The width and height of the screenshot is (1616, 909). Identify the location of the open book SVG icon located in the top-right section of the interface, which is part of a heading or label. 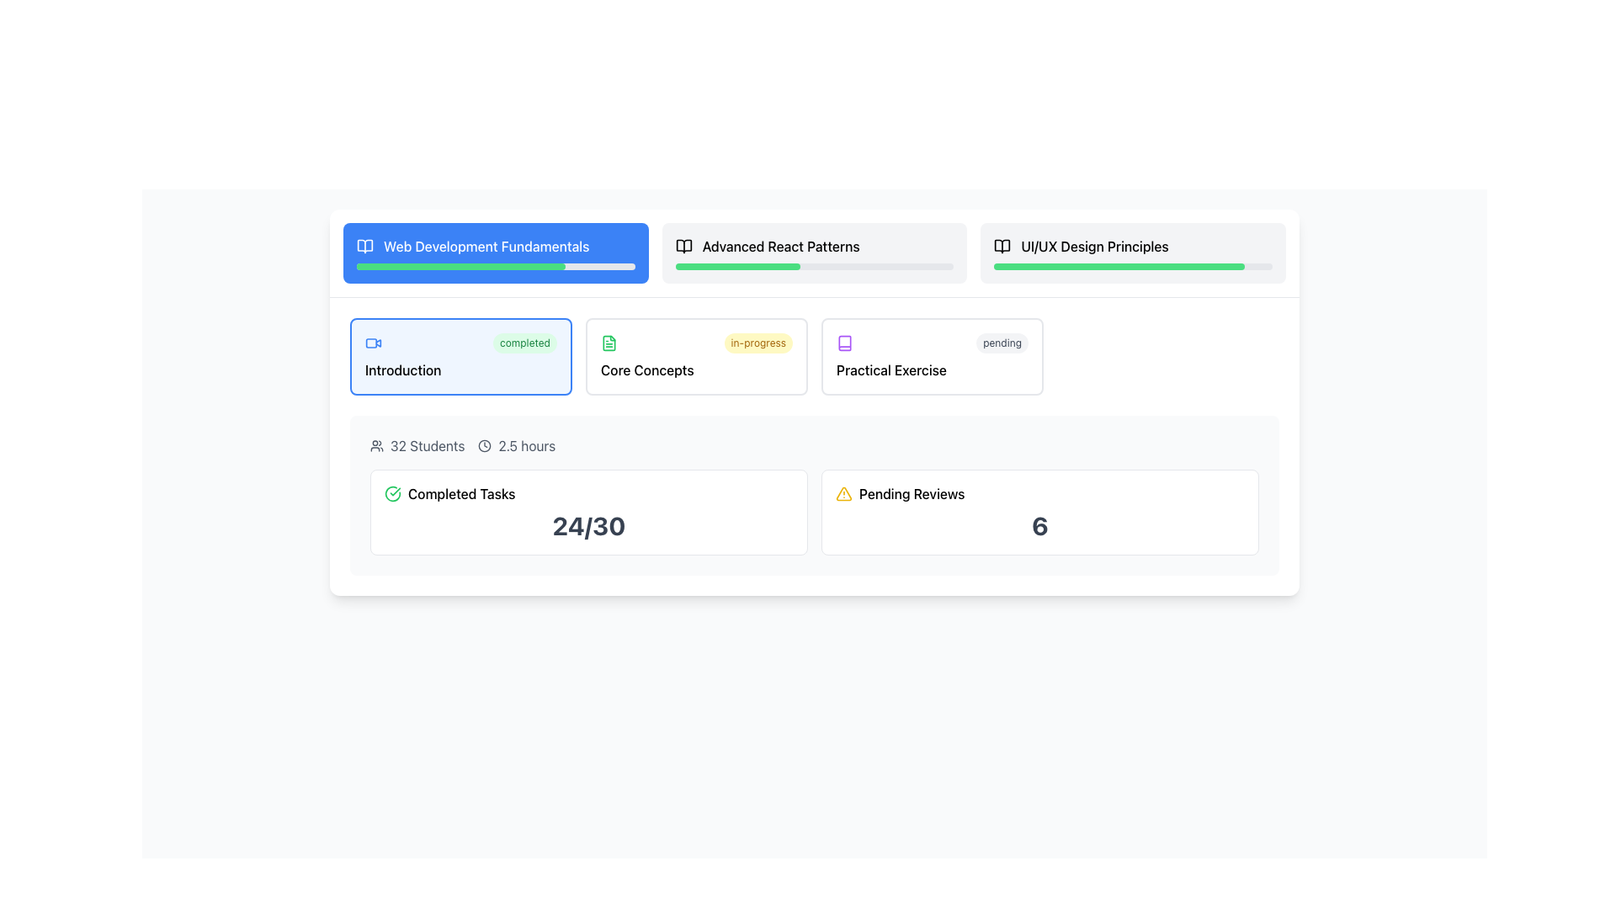
(1002, 247).